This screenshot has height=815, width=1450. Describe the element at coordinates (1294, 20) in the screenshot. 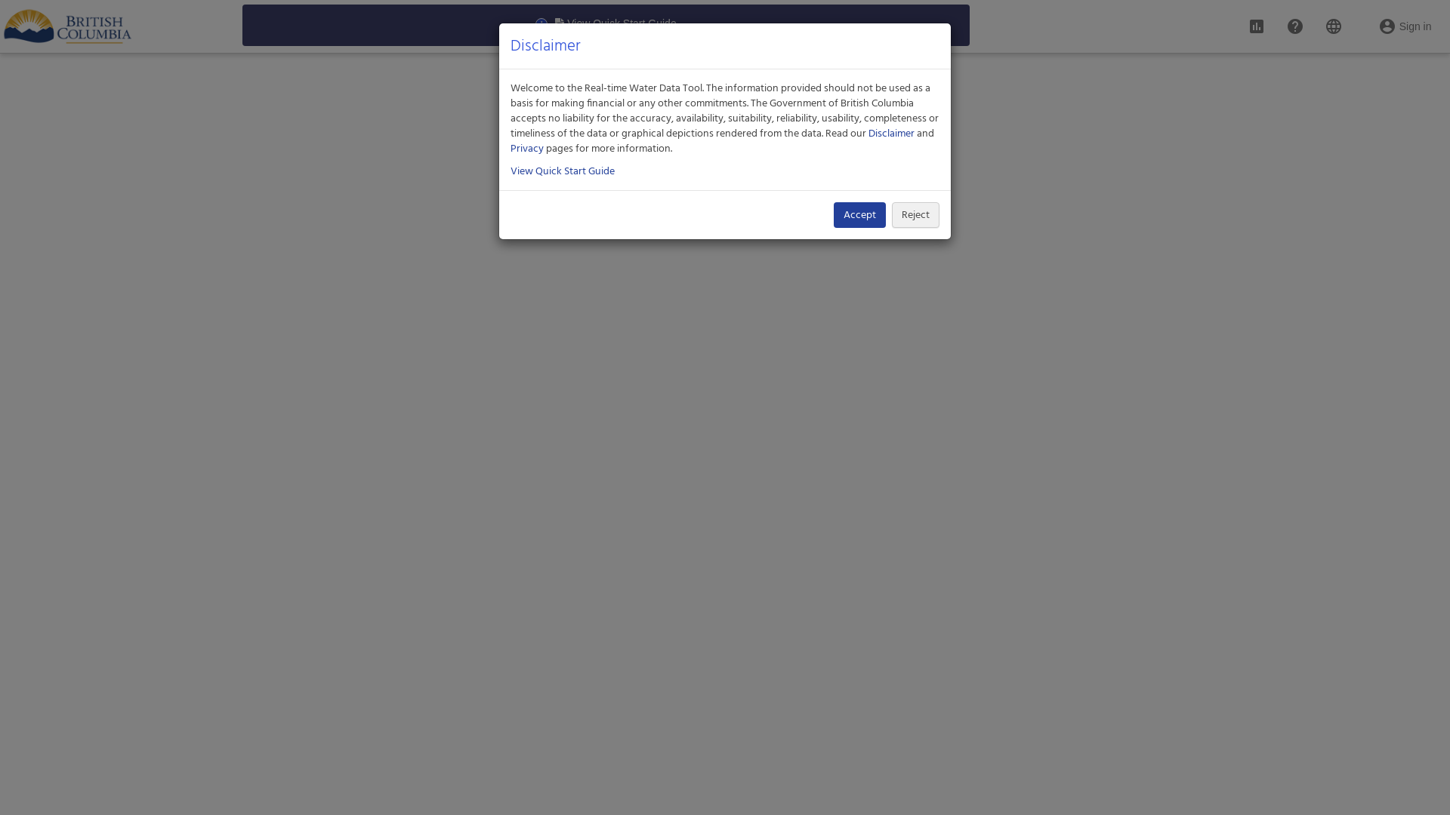

I see `'help'` at that location.